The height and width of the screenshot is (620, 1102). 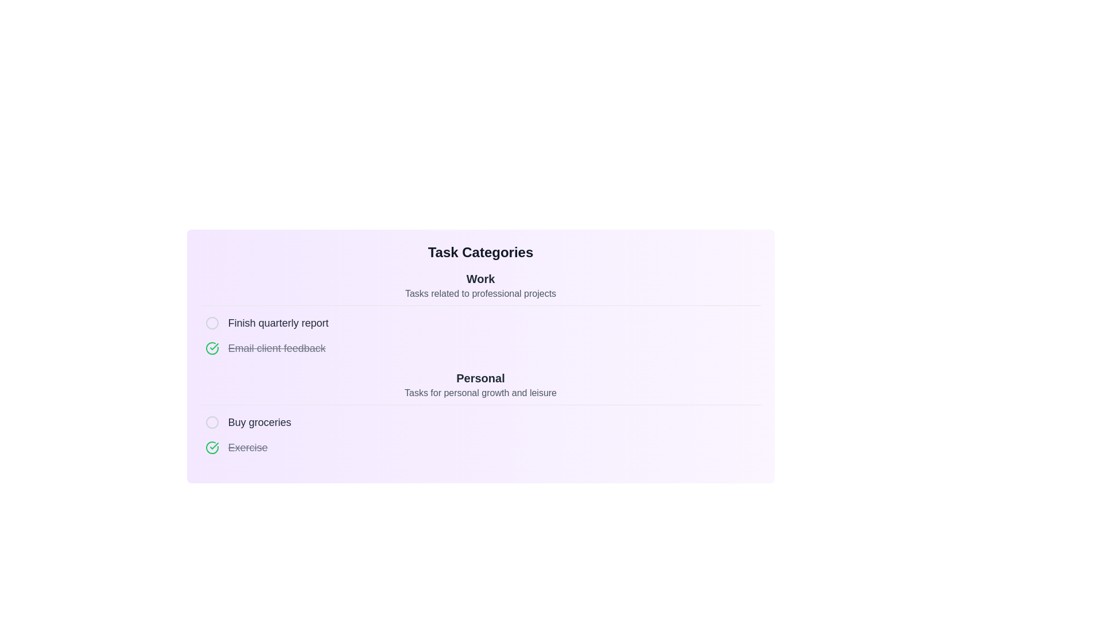 I want to click on the completed task labeled 'Email client feedback' in the 'Work' section of the task management interface, so click(x=265, y=347).